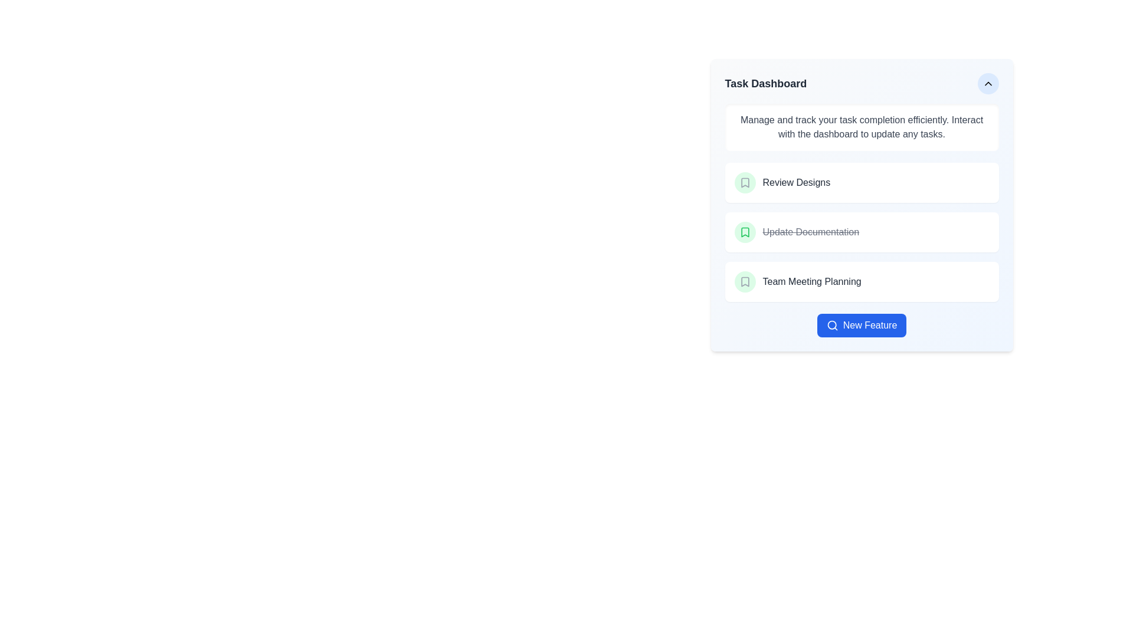 This screenshot has height=637, width=1133. Describe the element at coordinates (831, 325) in the screenshot. I see `the search icon located to the left of the 'New Feature' button at the bottom right of the card layout` at that location.